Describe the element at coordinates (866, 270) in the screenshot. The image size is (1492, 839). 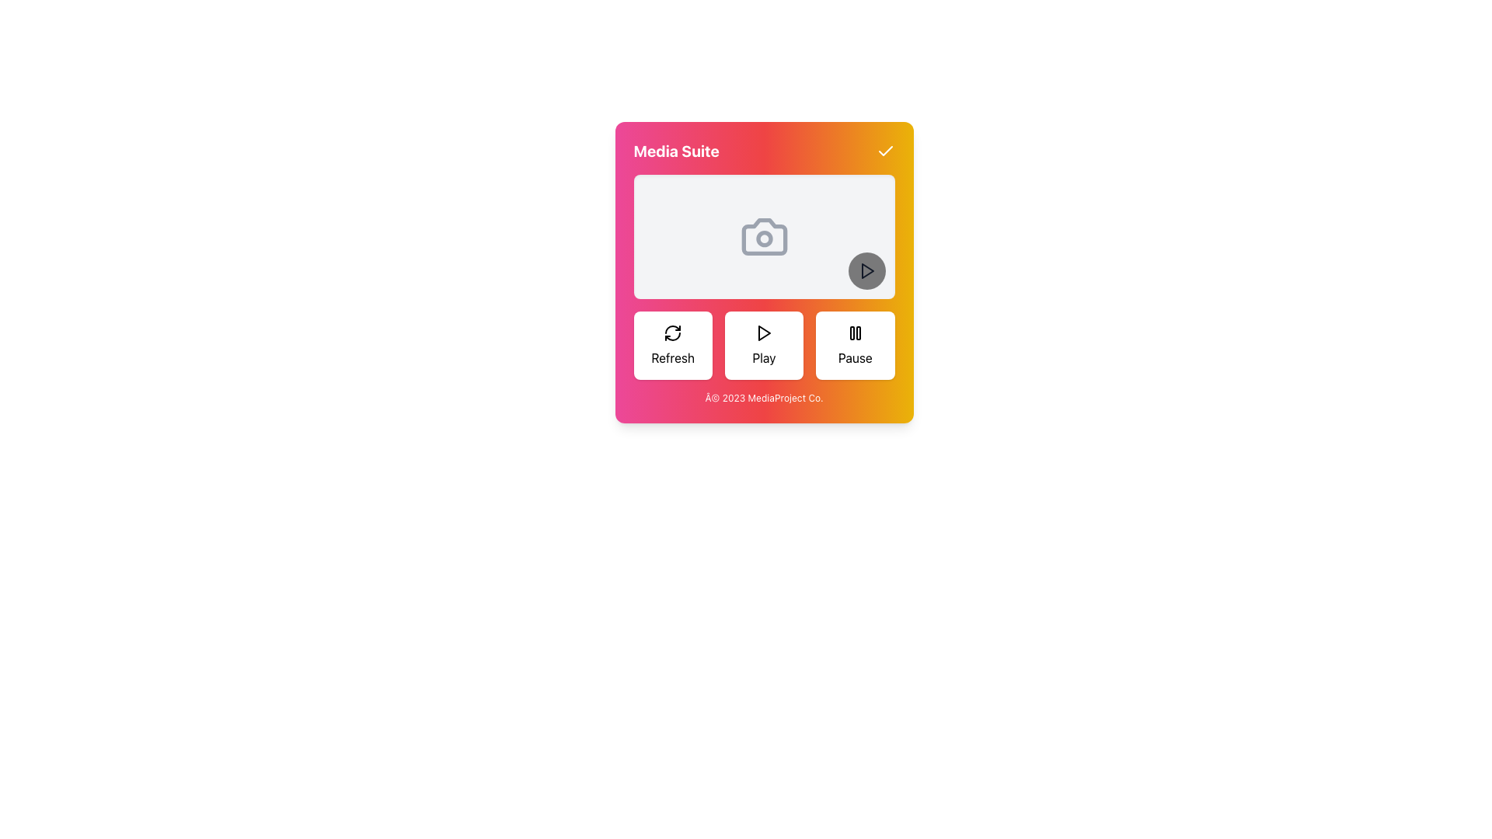
I see `the 'Play' button located in the bottom right corner of the 'Media Suite' panel` at that location.